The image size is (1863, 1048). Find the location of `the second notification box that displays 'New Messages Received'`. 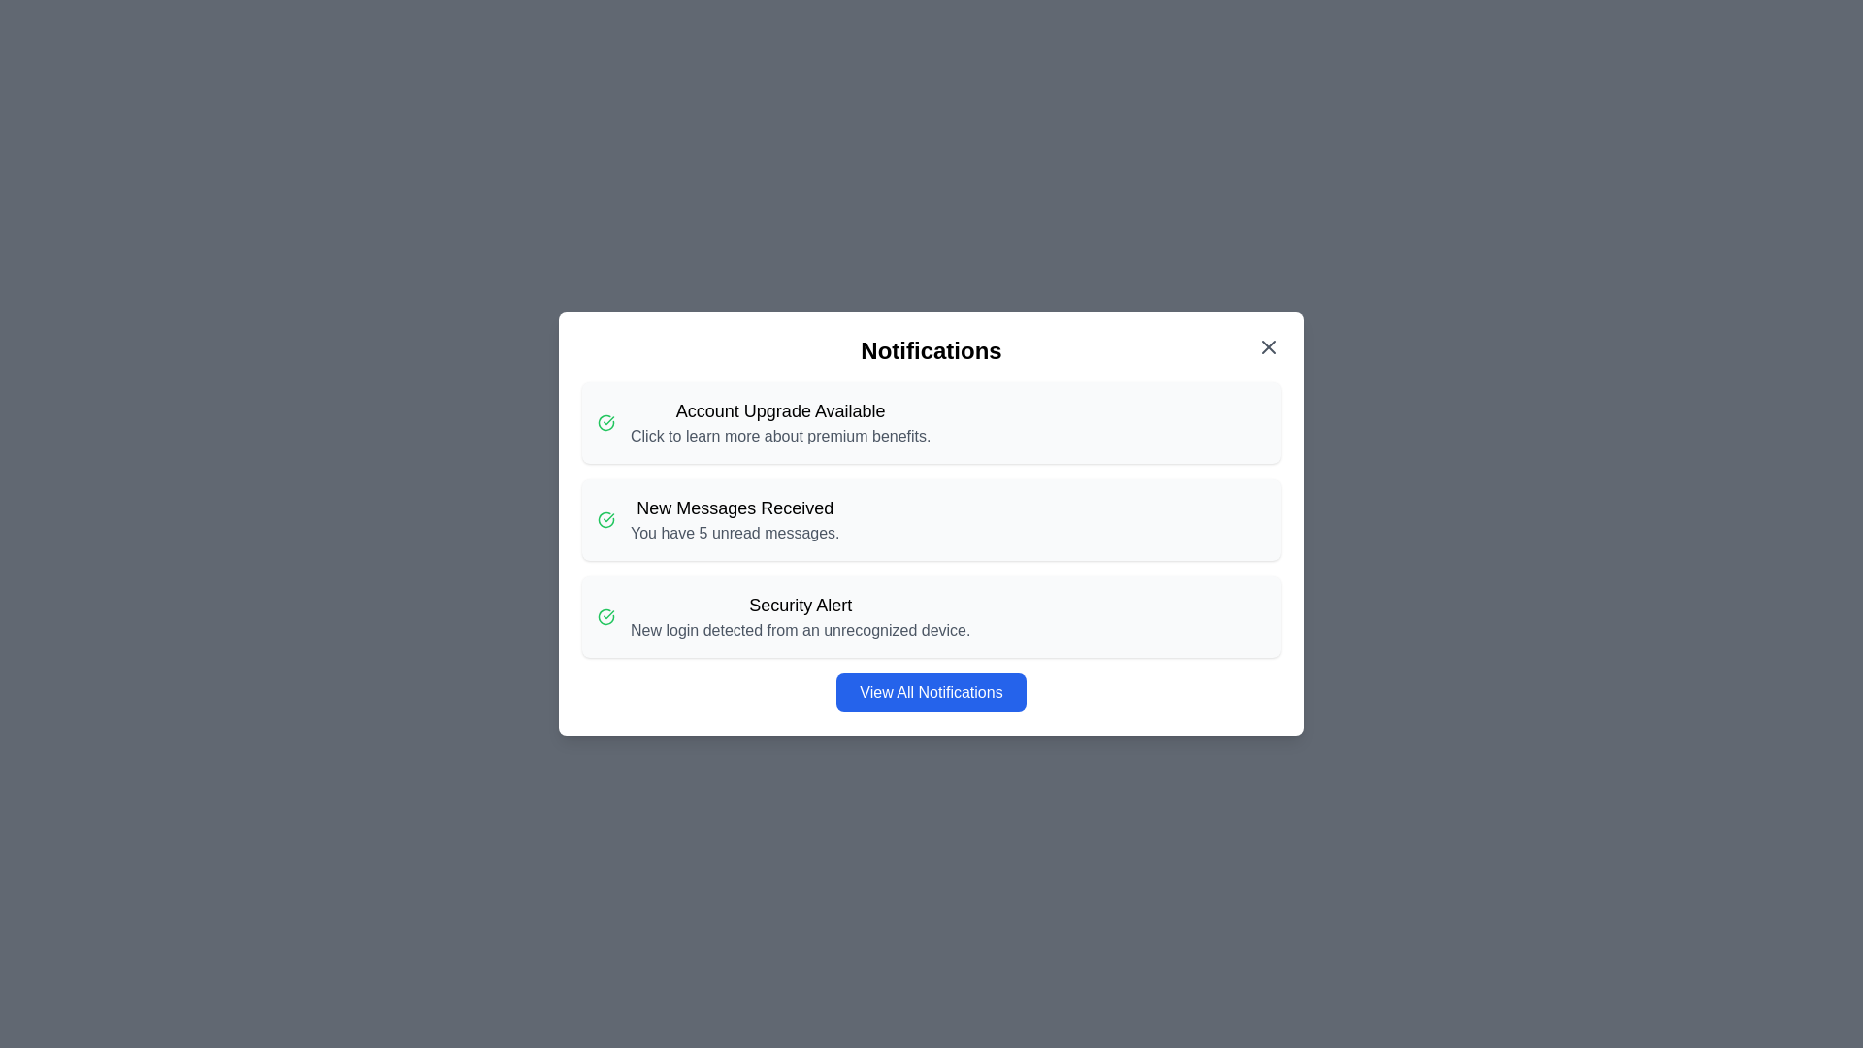

the second notification box that displays 'New Messages Received' is located at coordinates (931, 519).